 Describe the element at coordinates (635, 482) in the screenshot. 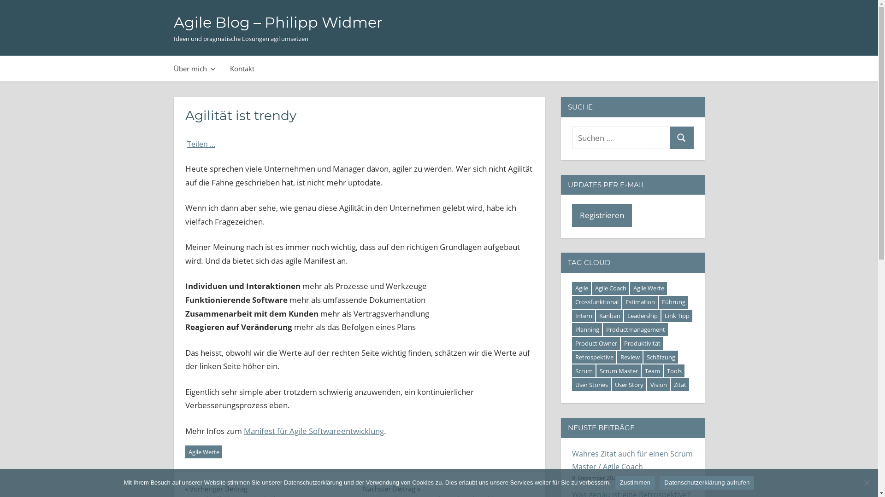

I see `'Zustimmen'` at that location.